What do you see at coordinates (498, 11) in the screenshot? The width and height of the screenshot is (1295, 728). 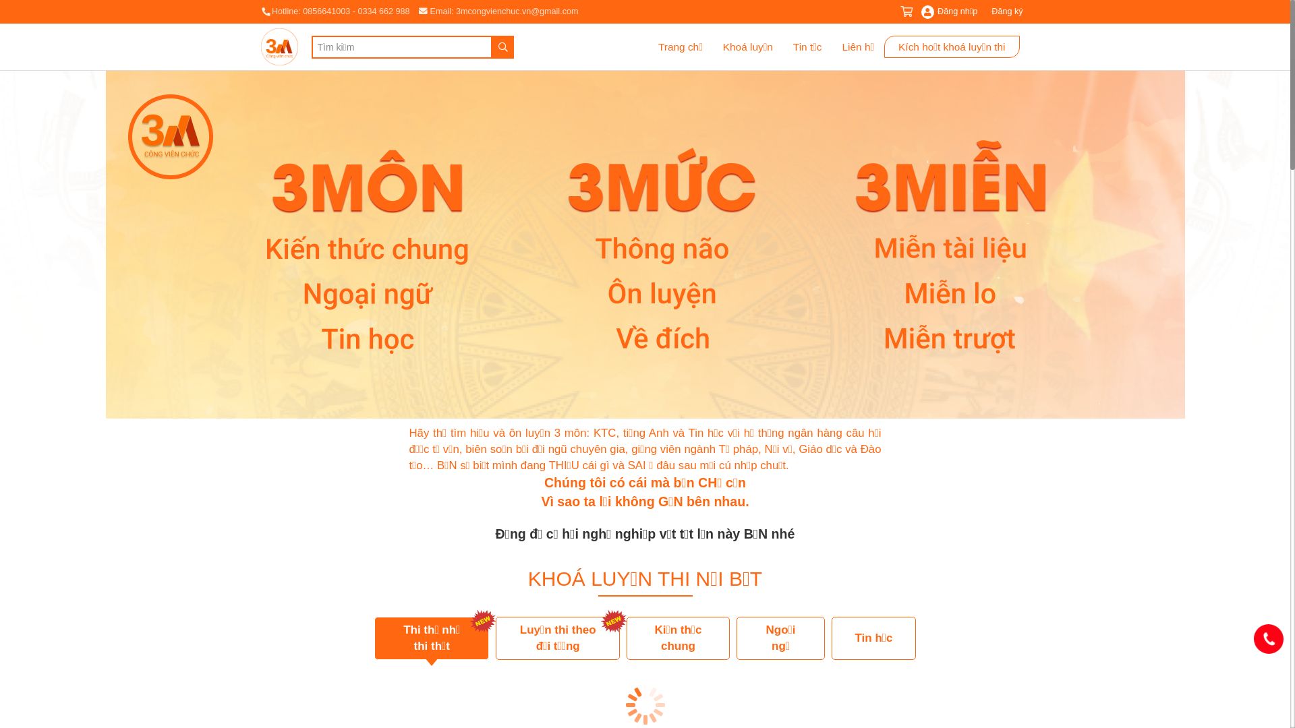 I see `'Email: 3mcongvienchuc.vn@gmail.com'` at bounding box center [498, 11].